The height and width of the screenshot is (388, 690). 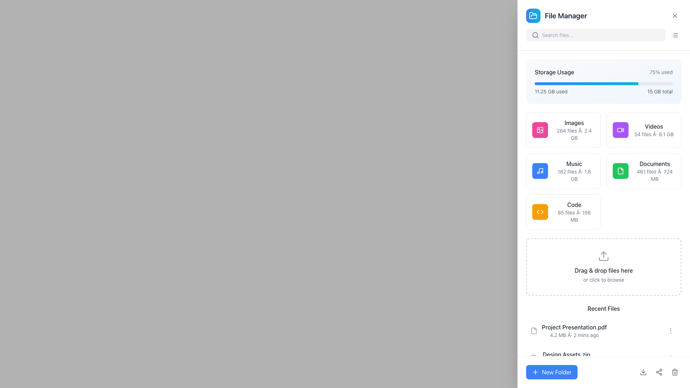 I want to click on the rectangular document icon outlined in a grayish style, located near the bottom right corner of the interface, close to the 'New Folder' button, so click(x=534, y=358).